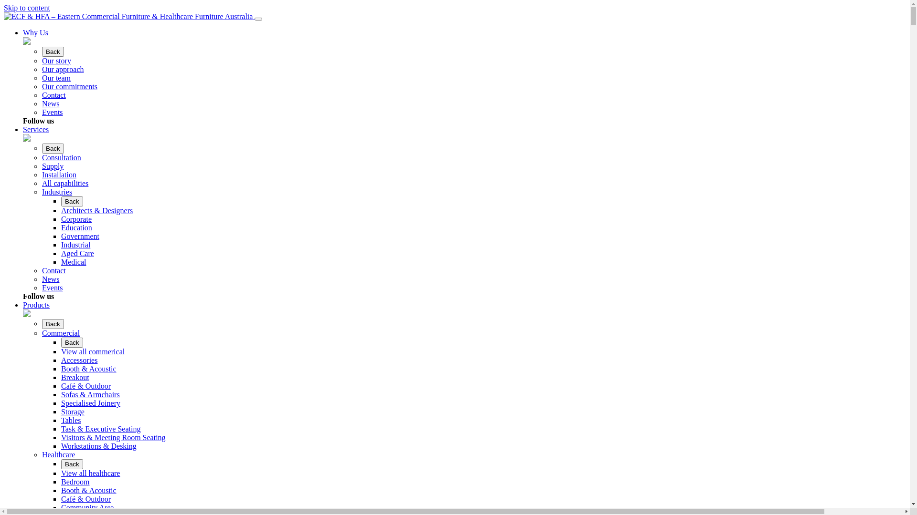 The image size is (917, 515). I want to click on 'Skip to content', so click(27, 8).